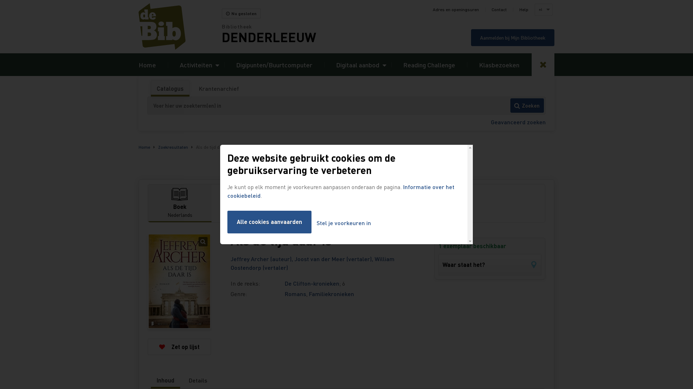 Image resolution: width=693 pixels, height=389 pixels. Describe the element at coordinates (490, 265) in the screenshot. I see `'Waar staat het?'` at that location.